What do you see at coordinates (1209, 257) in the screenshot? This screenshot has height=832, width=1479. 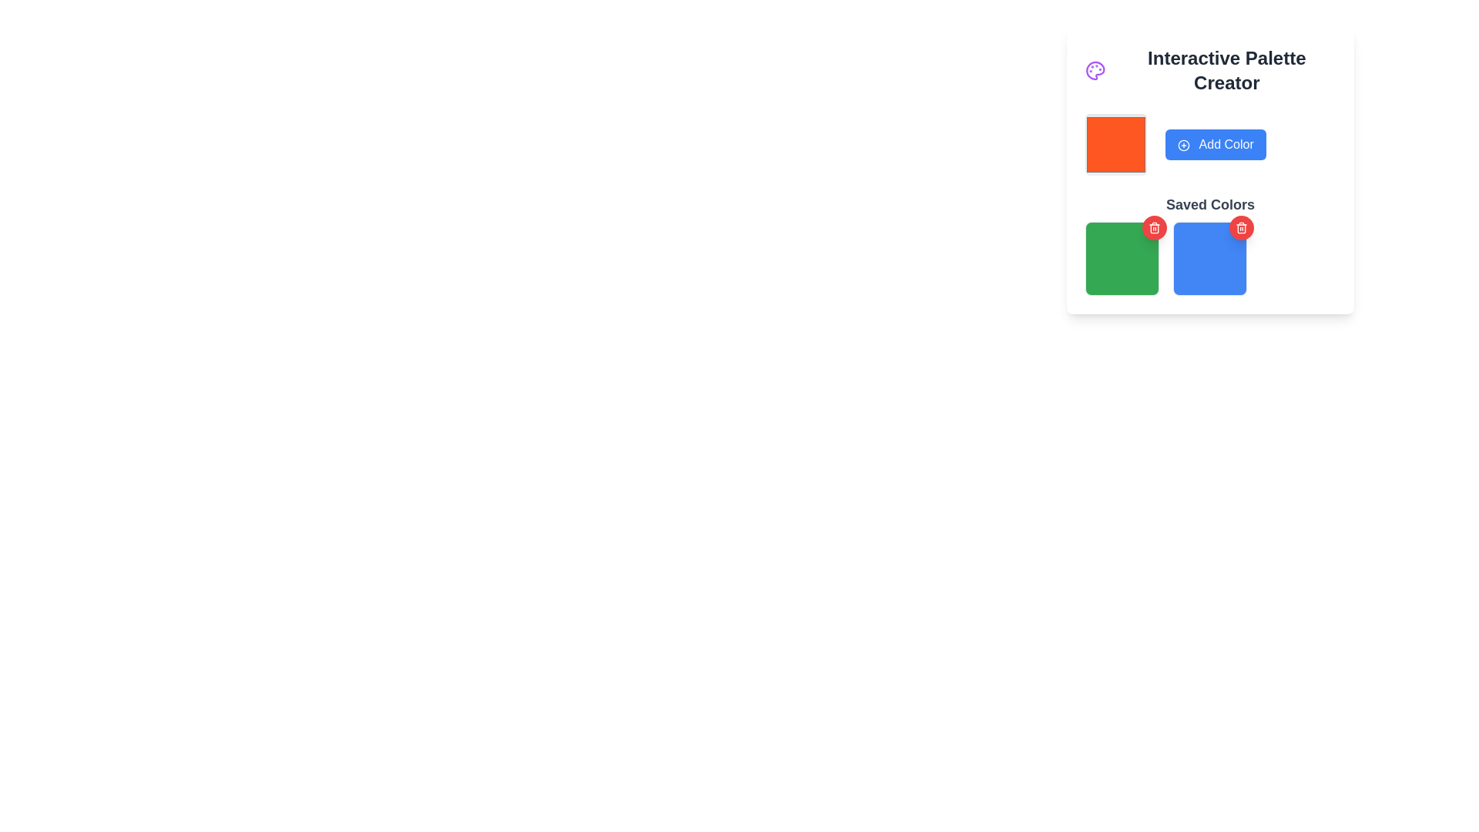 I see `the color panel located in the second column of the grid beneath the 'Saved Colors' label for rearrangement` at bounding box center [1209, 257].